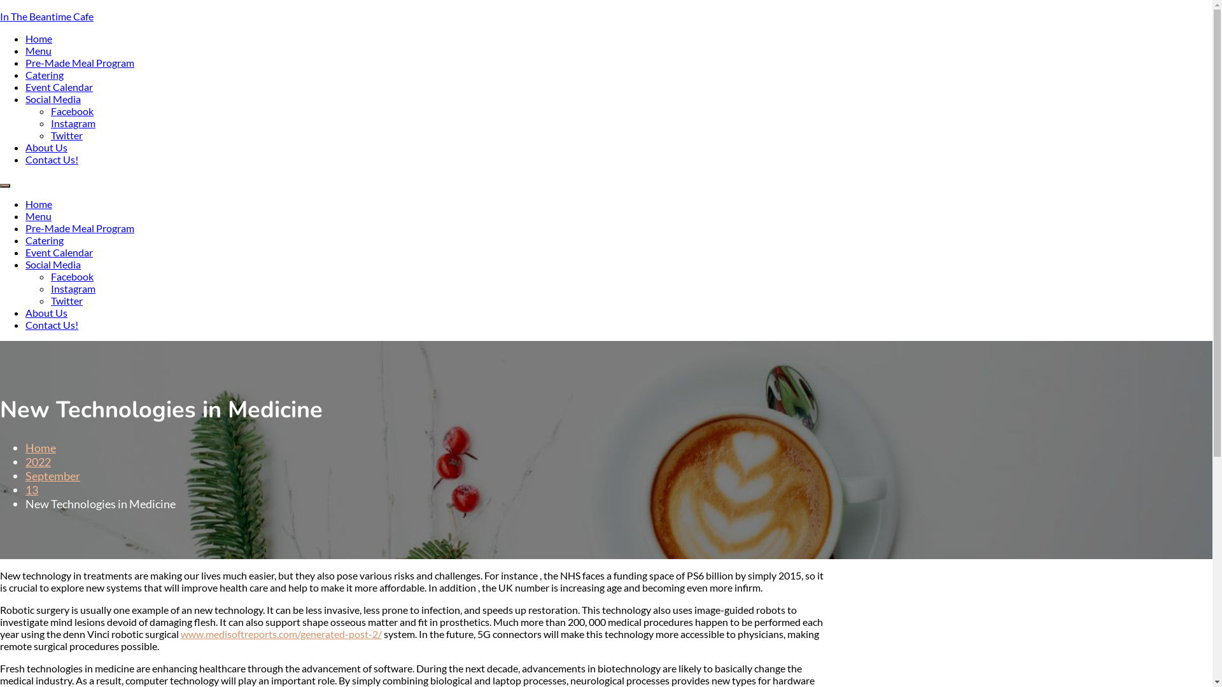  What do you see at coordinates (31, 489) in the screenshot?
I see `'13'` at bounding box center [31, 489].